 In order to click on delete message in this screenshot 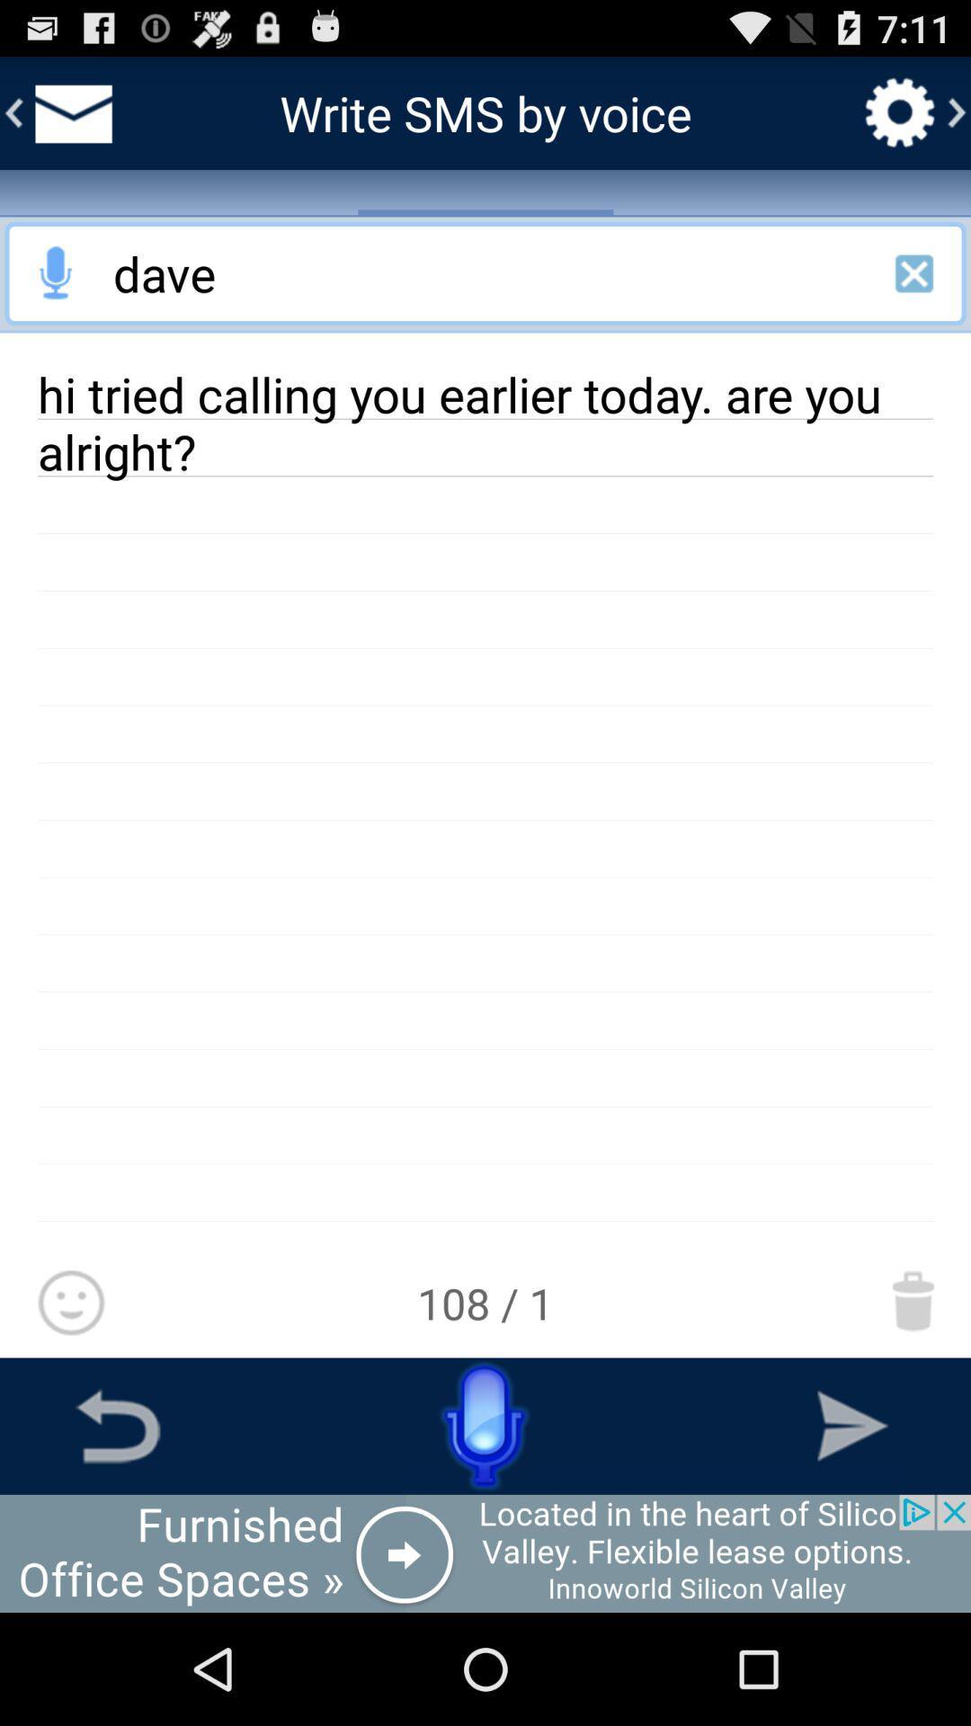, I will do `click(913, 1301)`.